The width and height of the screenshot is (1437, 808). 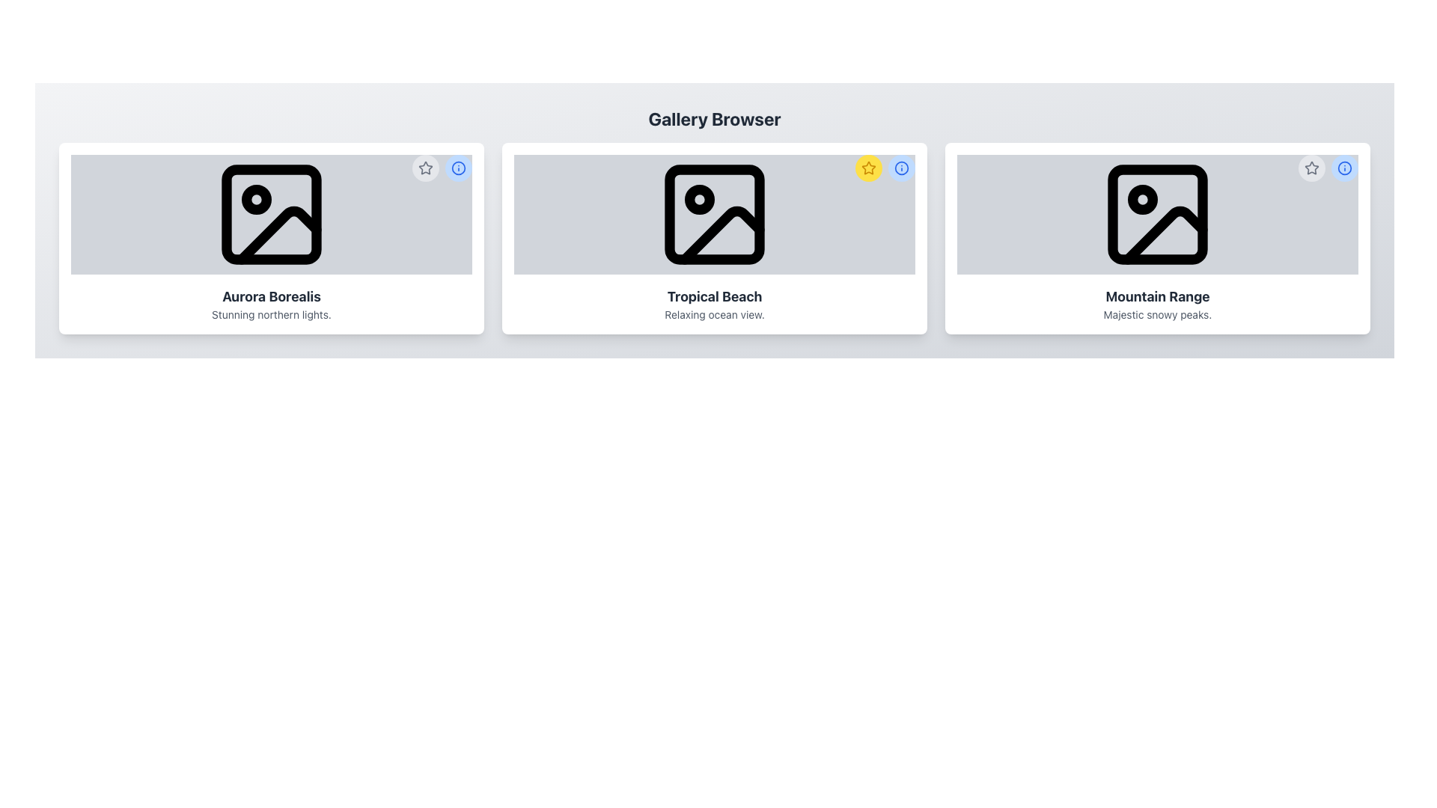 What do you see at coordinates (900, 168) in the screenshot?
I see `the blue circular icon with a white interior located in the toolbar of the second card labeled 'Tropical Beach', which is positioned at the top right corner next to a yellow star icon` at bounding box center [900, 168].